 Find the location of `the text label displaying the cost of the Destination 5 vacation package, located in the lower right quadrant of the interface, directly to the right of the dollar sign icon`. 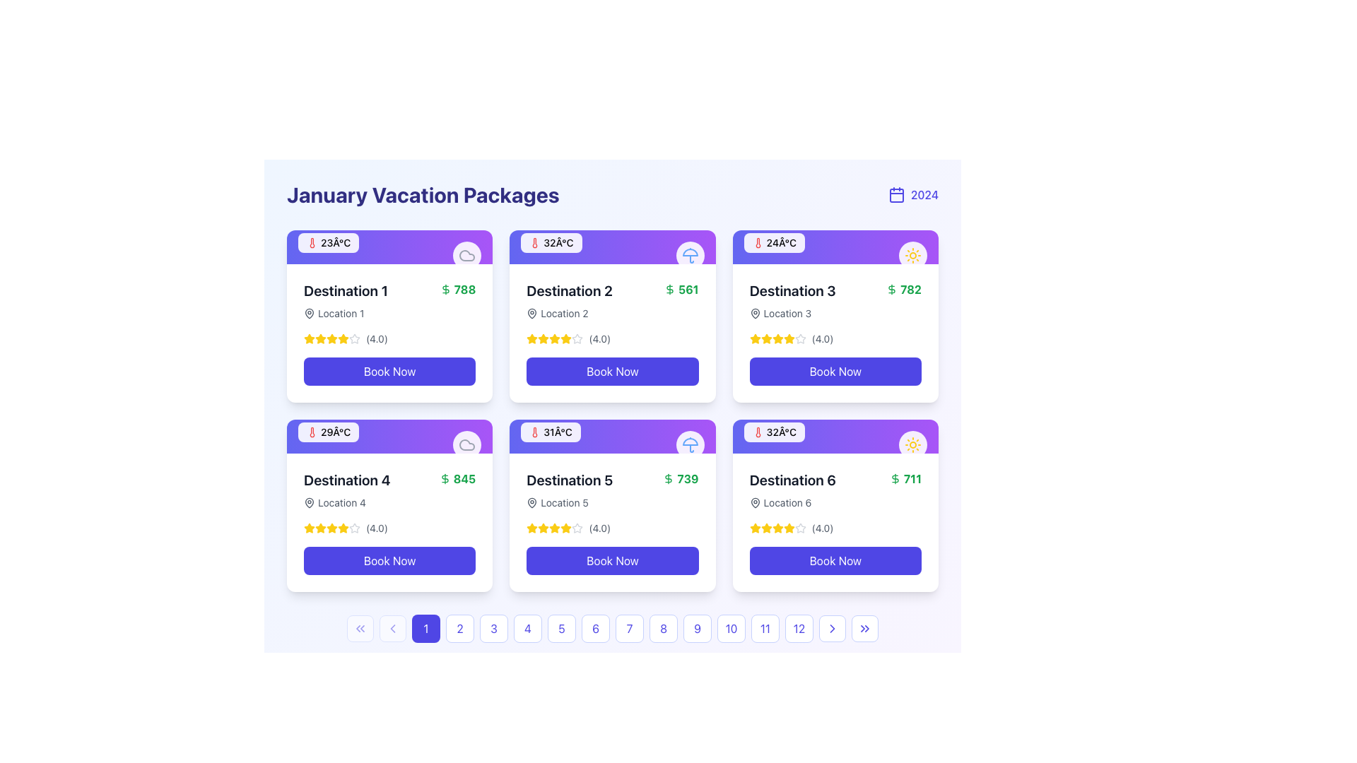

the text label displaying the cost of the Destination 5 vacation package, located in the lower right quadrant of the interface, directly to the right of the dollar sign icon is located at coordinates (688, 478).